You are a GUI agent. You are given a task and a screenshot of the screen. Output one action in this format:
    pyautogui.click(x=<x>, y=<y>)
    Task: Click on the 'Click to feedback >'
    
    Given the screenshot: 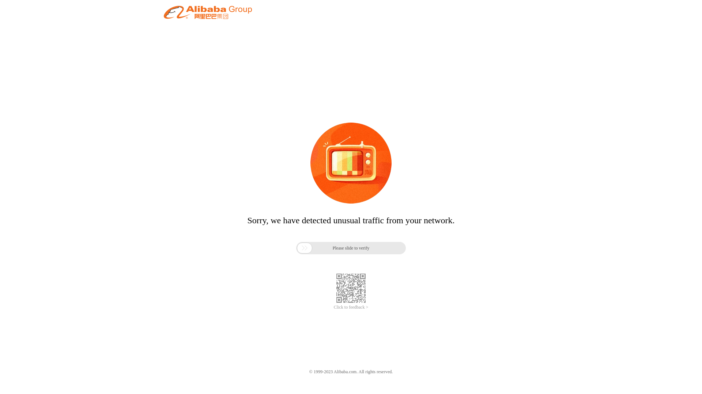 What is the action you would take?
    pyautogui.click(x=351, y=307)
    